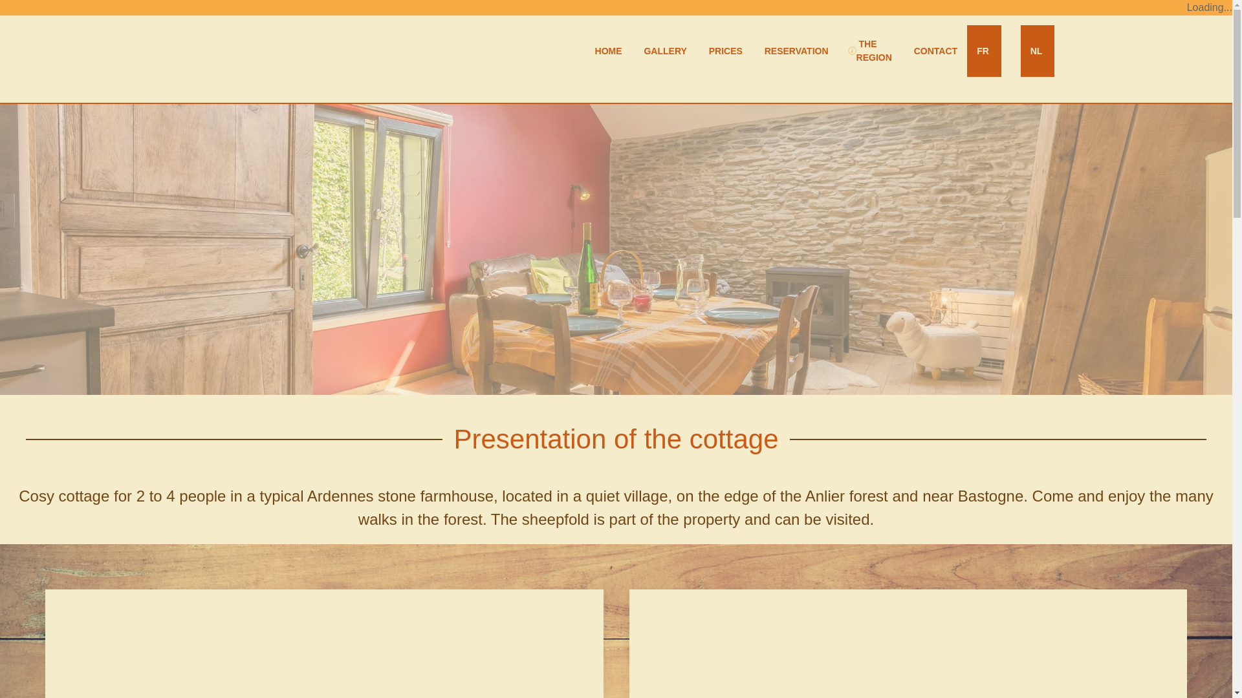 The image size is (1242, 698). What do you see at coordinates (869, 50) in the screenshot?
I see `' THE REGION'` at bounding box center [869, 50].